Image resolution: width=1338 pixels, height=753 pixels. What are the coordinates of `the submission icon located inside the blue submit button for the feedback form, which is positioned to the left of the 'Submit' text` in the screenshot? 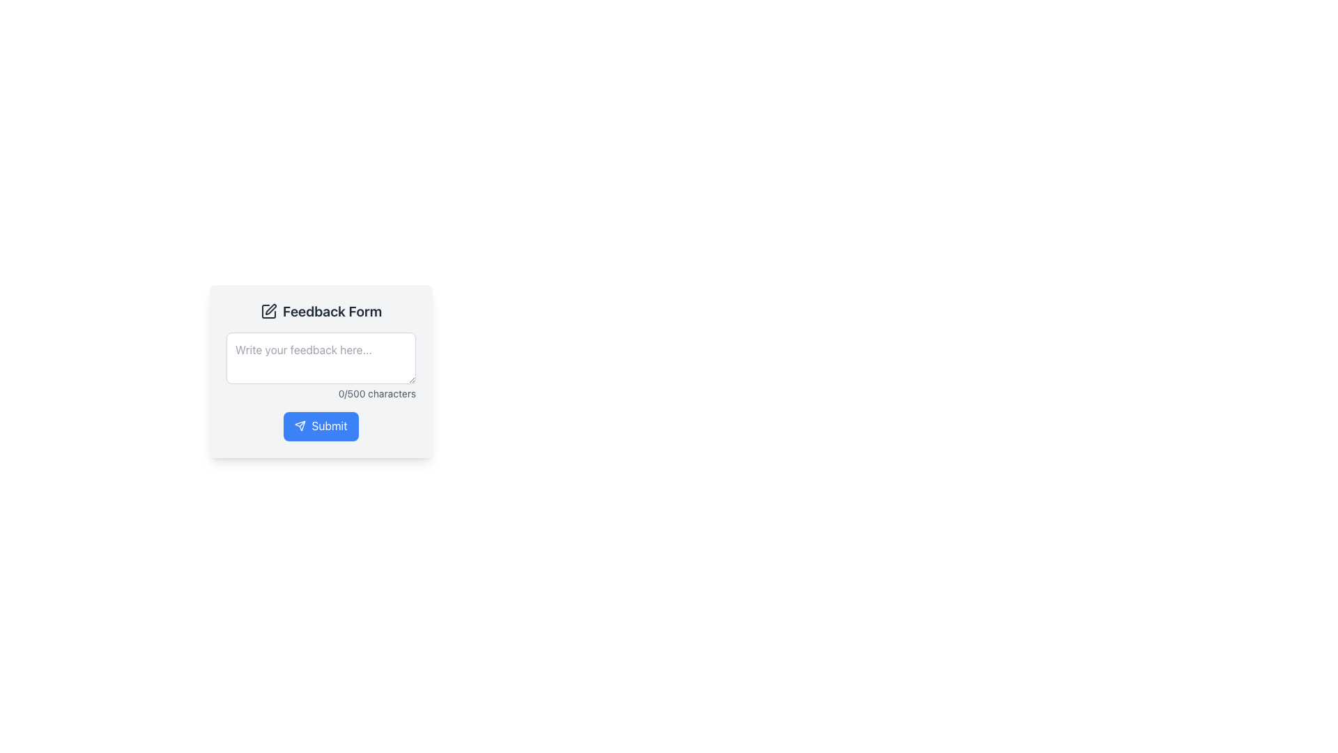 It's located at (300, 425).